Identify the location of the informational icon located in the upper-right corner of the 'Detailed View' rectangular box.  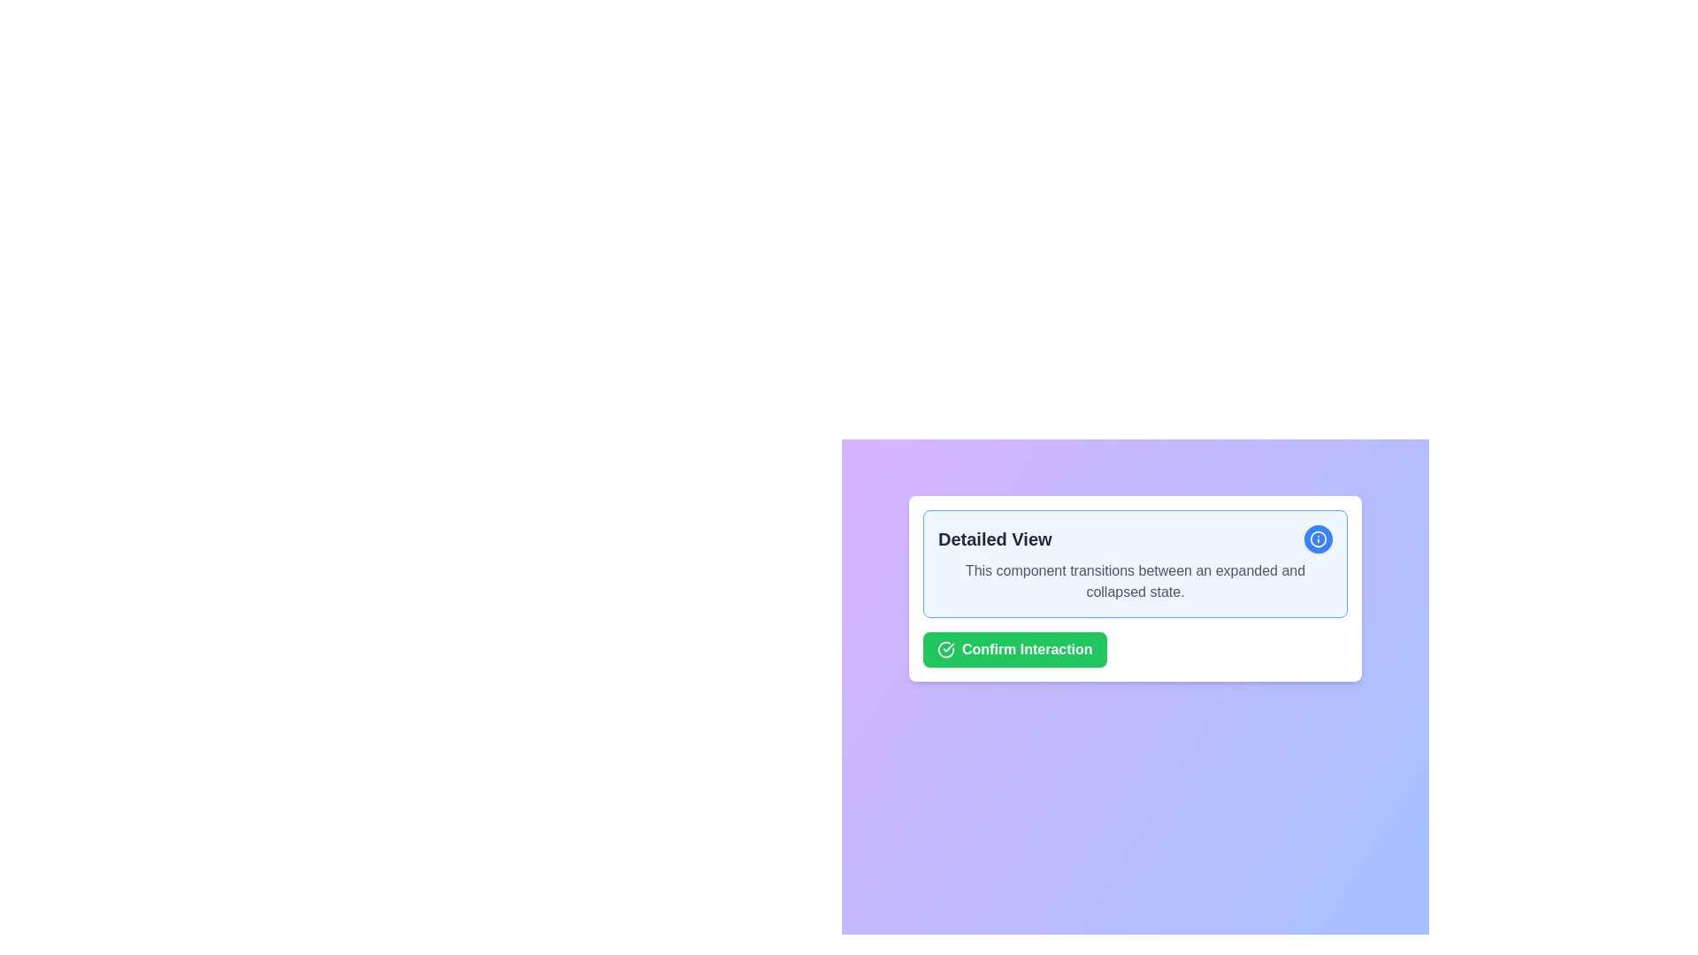
(1319, 538).